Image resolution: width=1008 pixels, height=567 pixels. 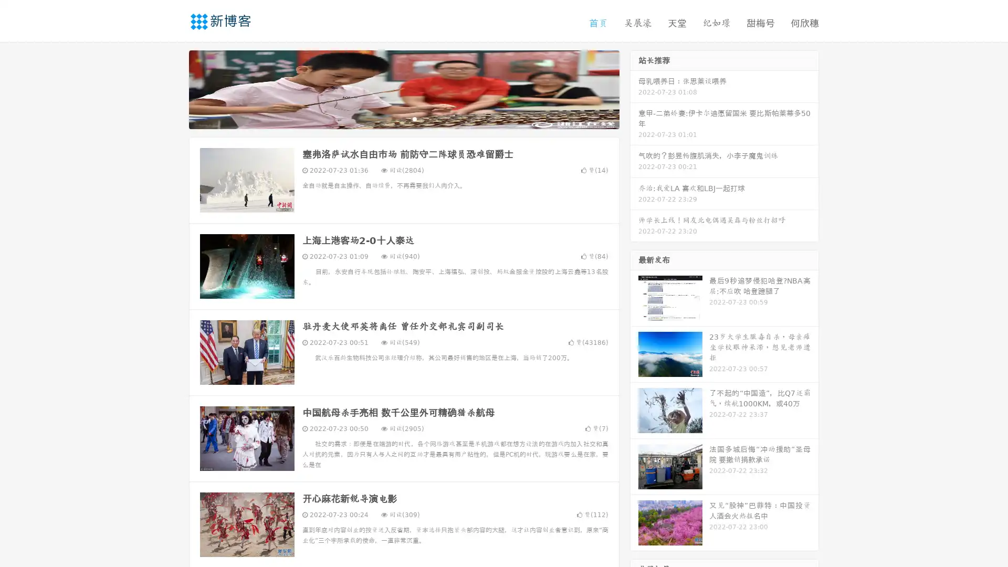 I want to click on Previous slide, so click(x=173, y=88).